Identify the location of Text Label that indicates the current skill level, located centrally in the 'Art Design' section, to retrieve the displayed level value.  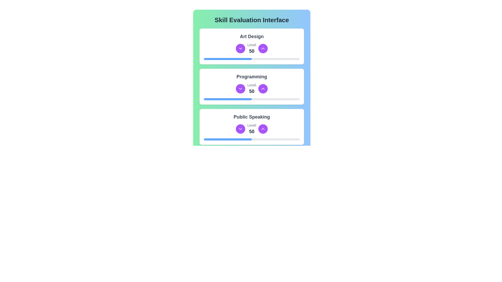
(252, 51).